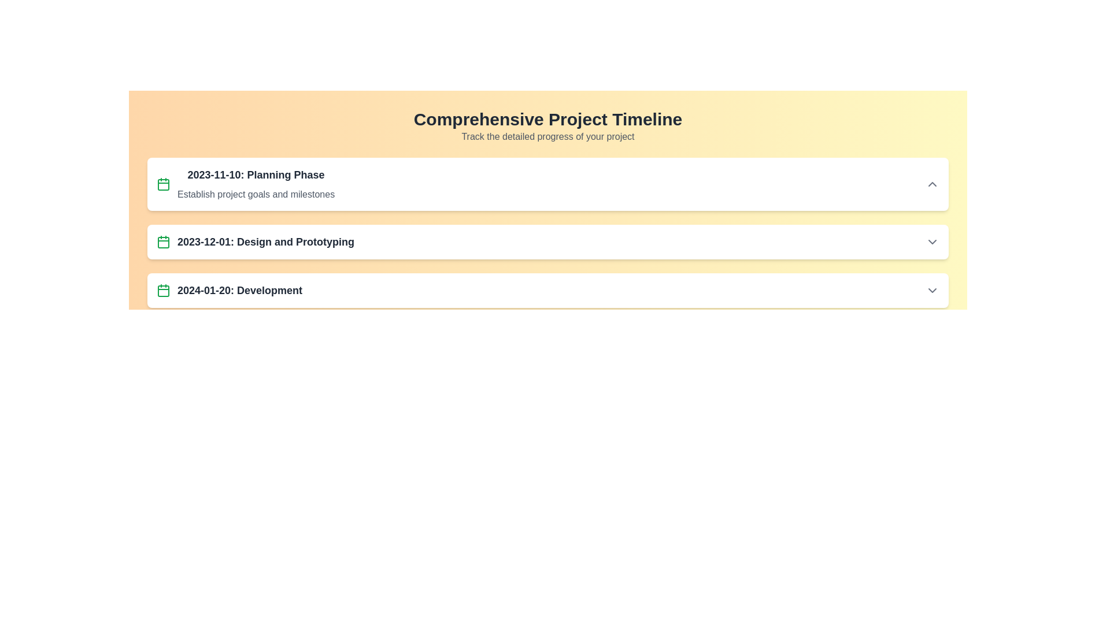 The image size is (1110, 624). I want to click on the list item containing the text '2023-12-01: Design and Prototyping' with a green calendar icon, so click(254, 242).